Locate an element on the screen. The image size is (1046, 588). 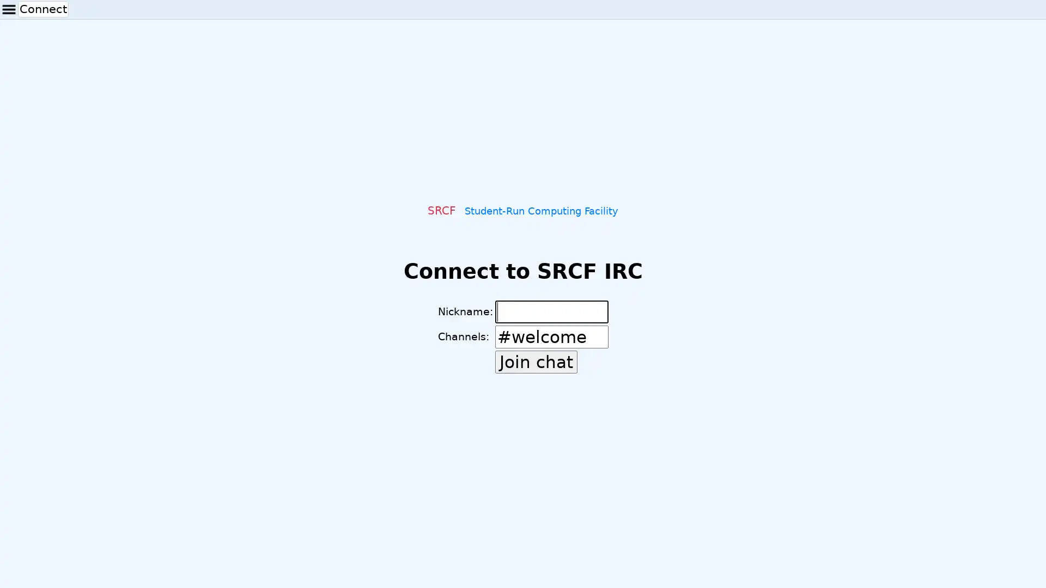
Join chat is located at coordinates (536, 361).